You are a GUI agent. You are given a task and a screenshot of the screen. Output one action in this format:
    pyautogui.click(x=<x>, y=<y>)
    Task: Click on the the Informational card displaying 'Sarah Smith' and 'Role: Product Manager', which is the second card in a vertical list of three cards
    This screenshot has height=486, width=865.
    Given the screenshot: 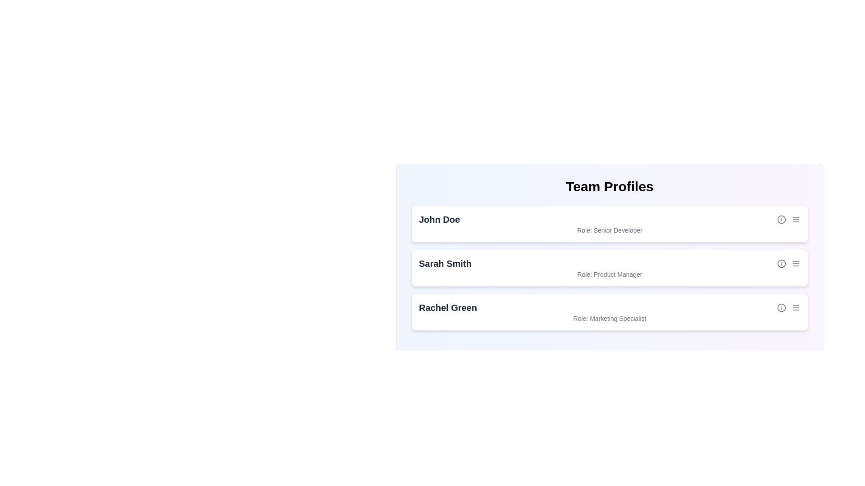 What is the action you would take?
    pyautogui.click(x=610, y=258)
    